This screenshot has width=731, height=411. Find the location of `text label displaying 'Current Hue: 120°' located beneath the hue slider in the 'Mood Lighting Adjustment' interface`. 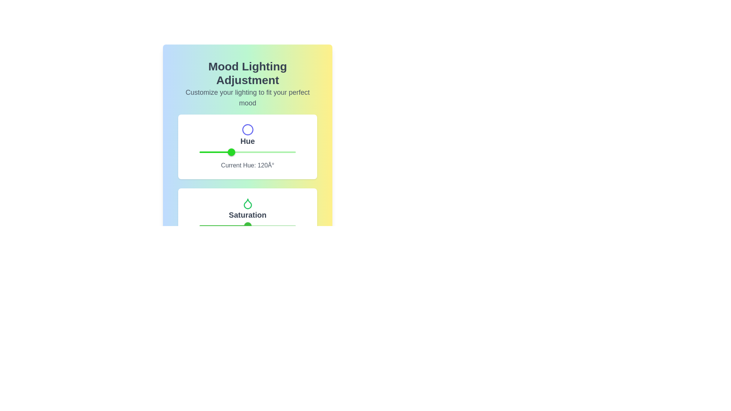

text label displaying 'Current Hue: 120°' located beneath the hue slider in the 'Mood Lighting Adjustment' interface is located at coordinates (247, 165).